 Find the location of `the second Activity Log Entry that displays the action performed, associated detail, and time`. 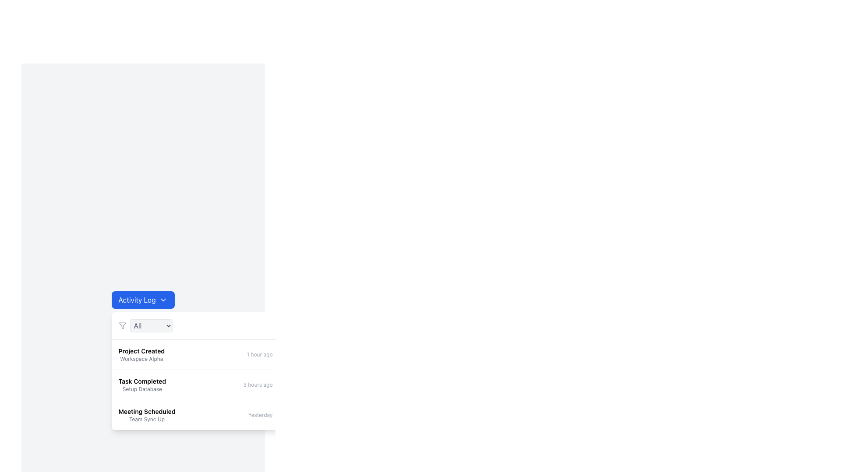

the second Activity Log Entry that displays the action performed, associated detail, and time is located at coordinates (195, 385).